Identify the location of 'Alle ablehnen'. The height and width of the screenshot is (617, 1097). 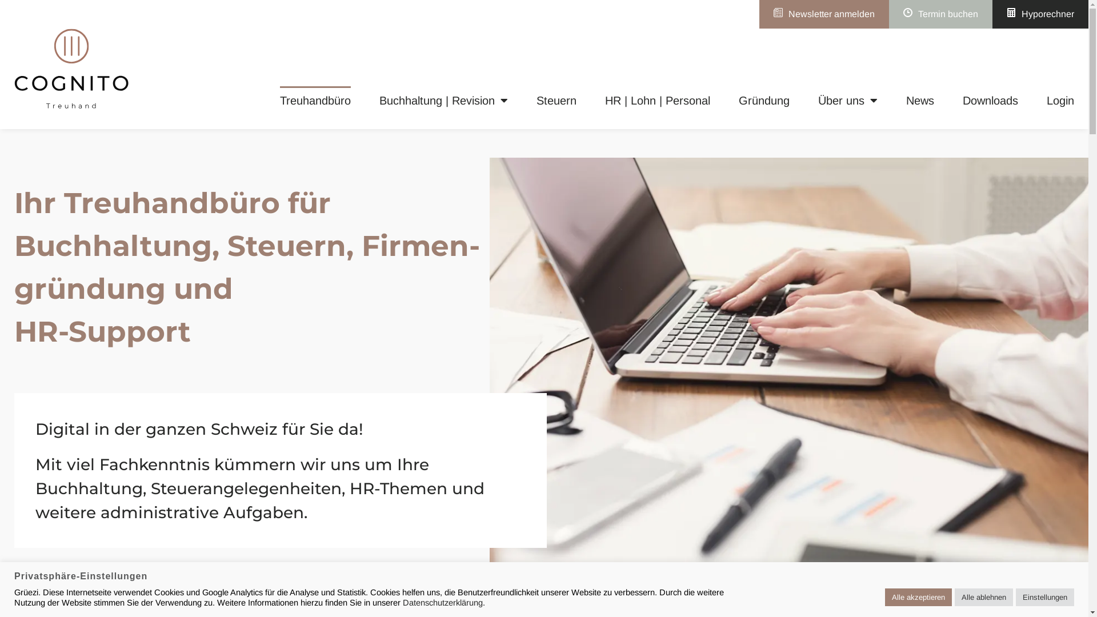
(983, 596).